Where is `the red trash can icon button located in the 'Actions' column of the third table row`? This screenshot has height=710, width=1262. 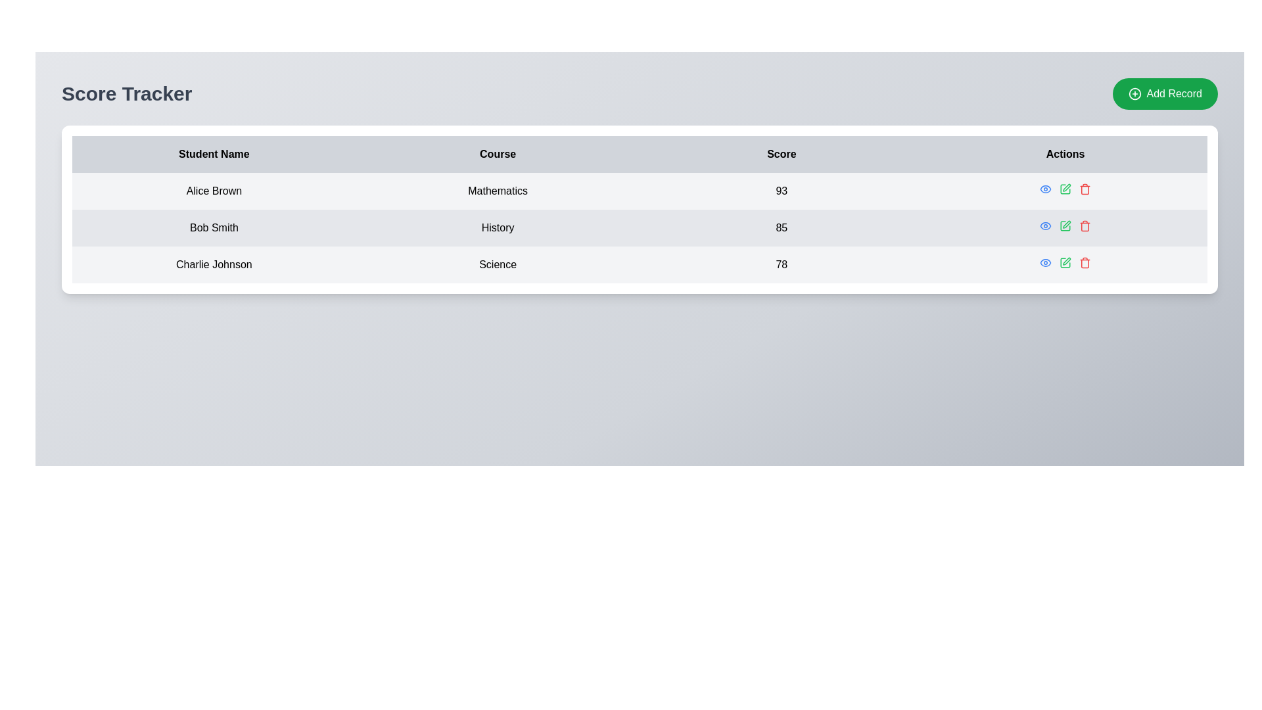
the red trash can icon button located in the 'Actions' column of the third table row is located at coordinates (1085, 263).